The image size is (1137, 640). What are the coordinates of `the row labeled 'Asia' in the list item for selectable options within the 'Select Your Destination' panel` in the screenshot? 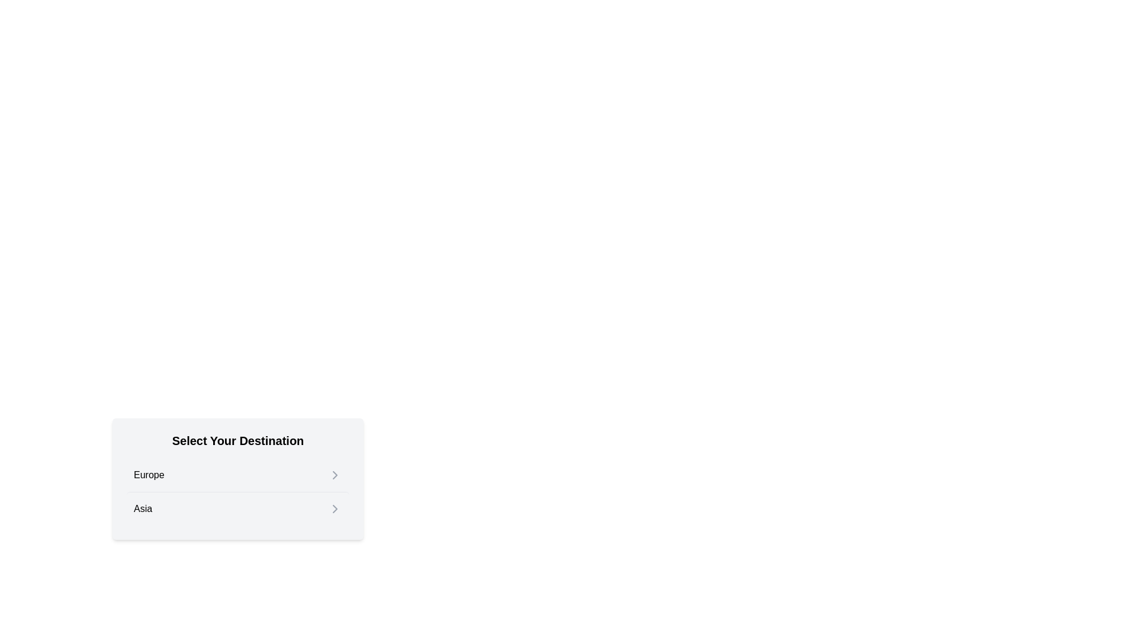 It's located at (237, 491).